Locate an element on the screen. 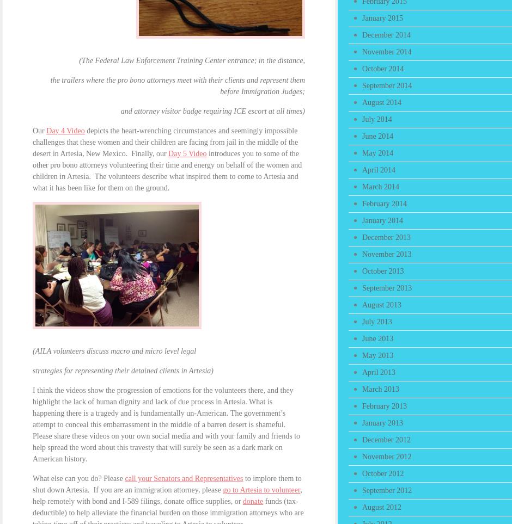 This screenshot has height=524, width=512. 'strategies for representing their detained clients in Artesia)' is located at coordinates (32, 371).